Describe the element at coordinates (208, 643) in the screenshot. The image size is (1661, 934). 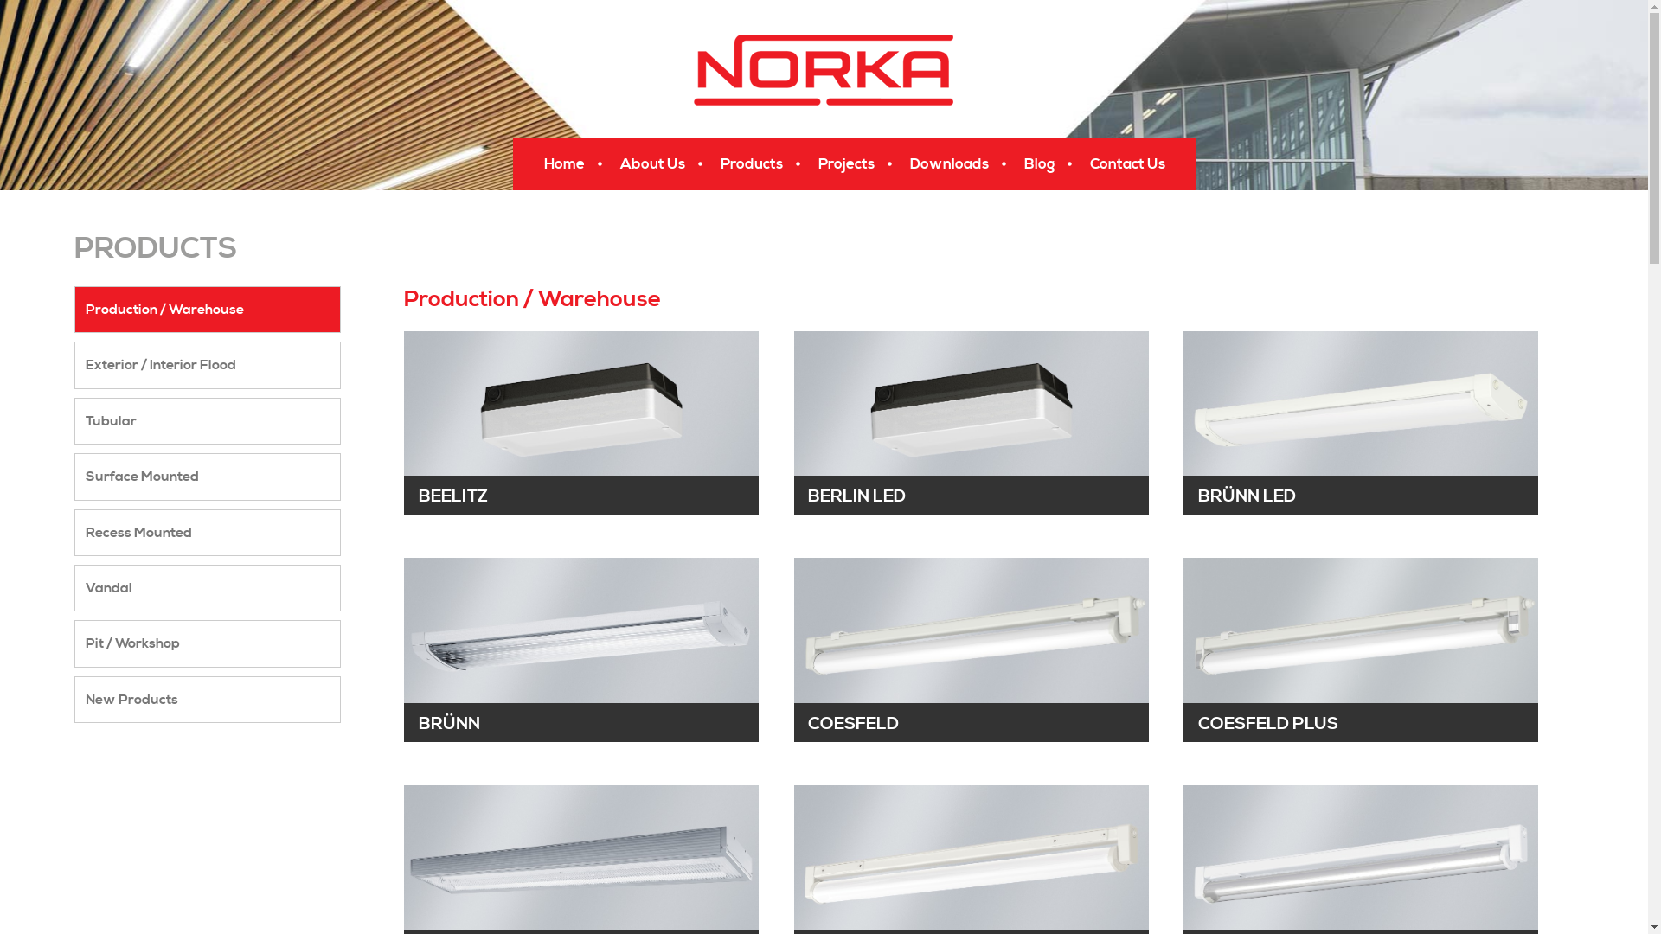
I see `'Pit / Workshop'` at that location.